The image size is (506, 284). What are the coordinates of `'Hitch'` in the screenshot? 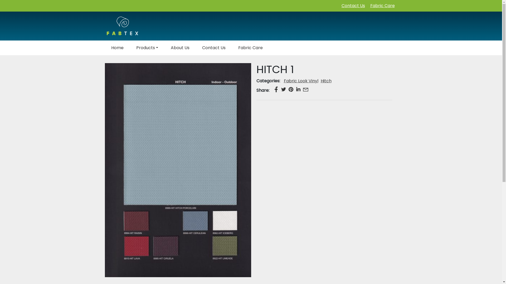 It's located at (325, 81).